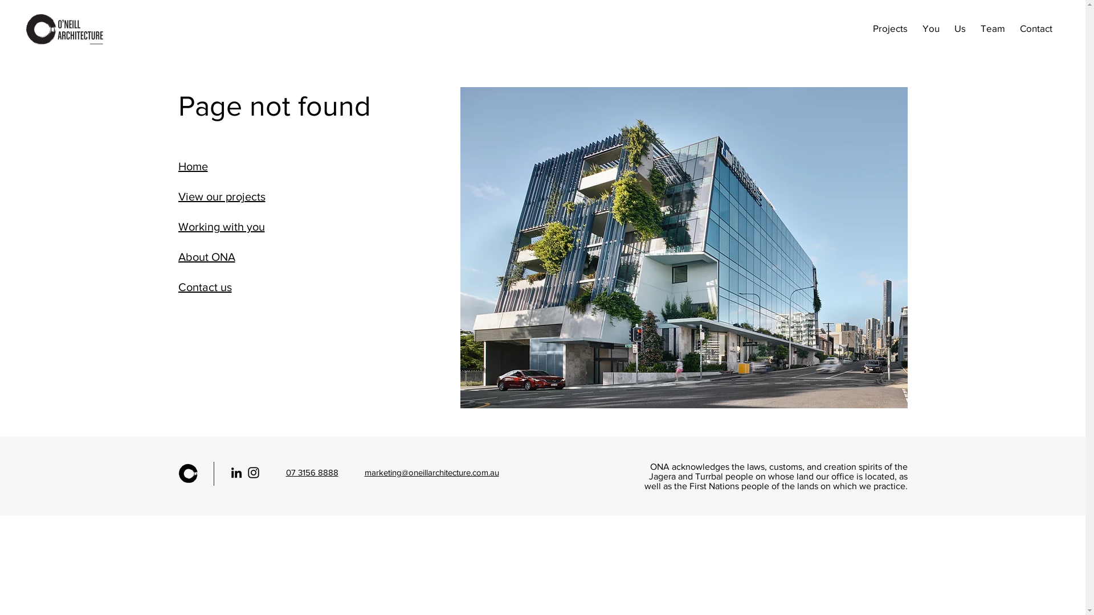  Describe the element at coordinates (225, 286) in the screenshot. I see `'Contact us'` at that location.